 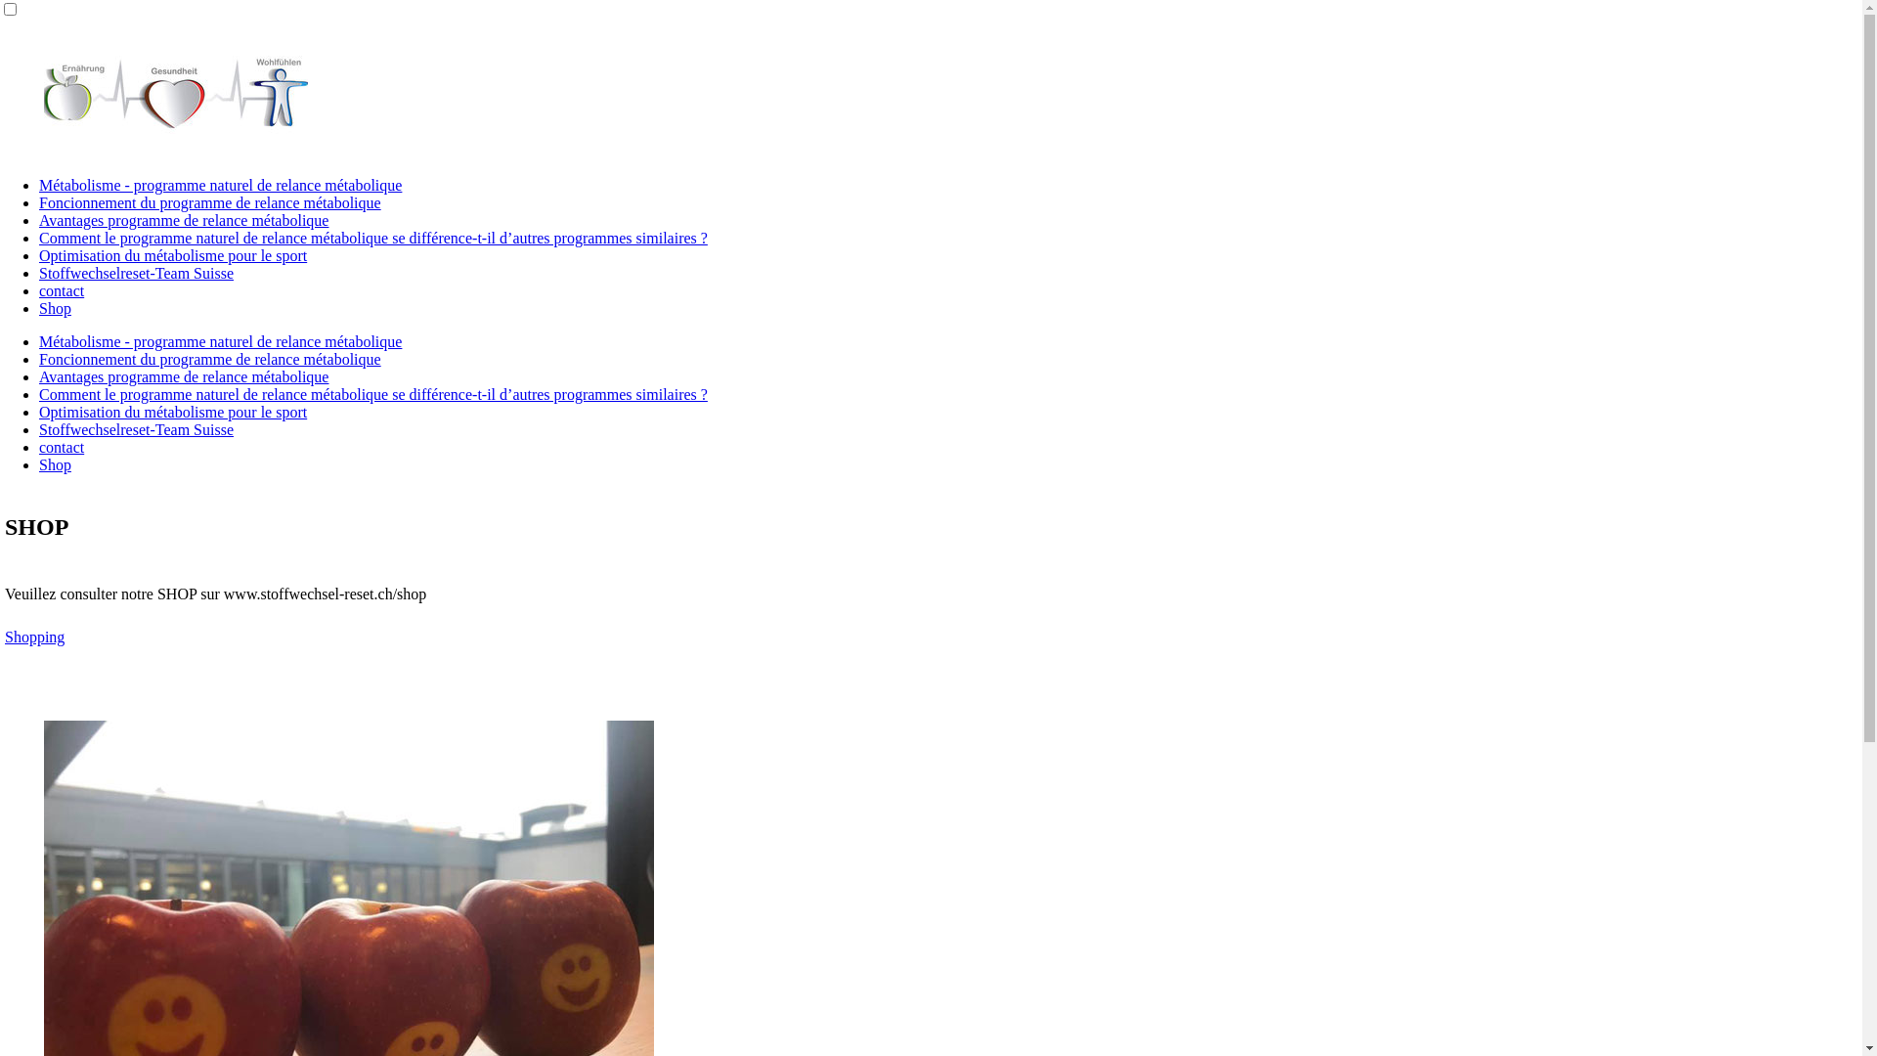 I want to click on 'Shop', so click(x=55, y=308).